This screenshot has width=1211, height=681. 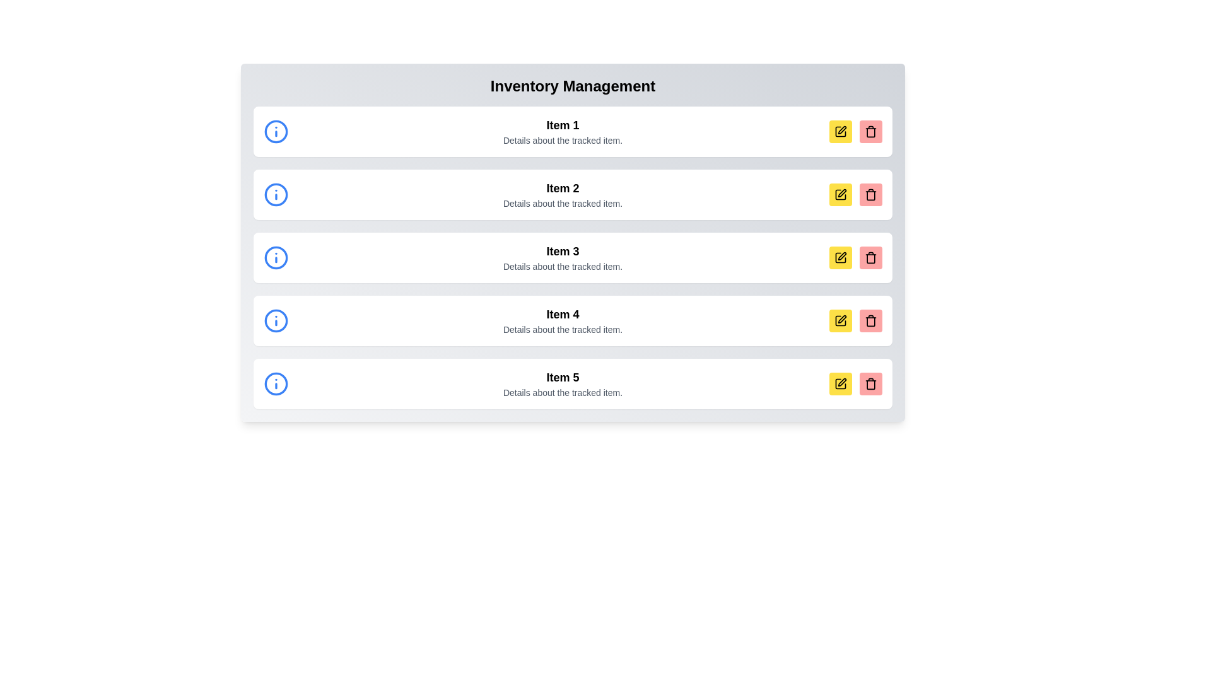 I want to click on the text label that provides supplementary detail for 'Item 4', located in the fourth row beneath the title, so click(x=562, y=329).